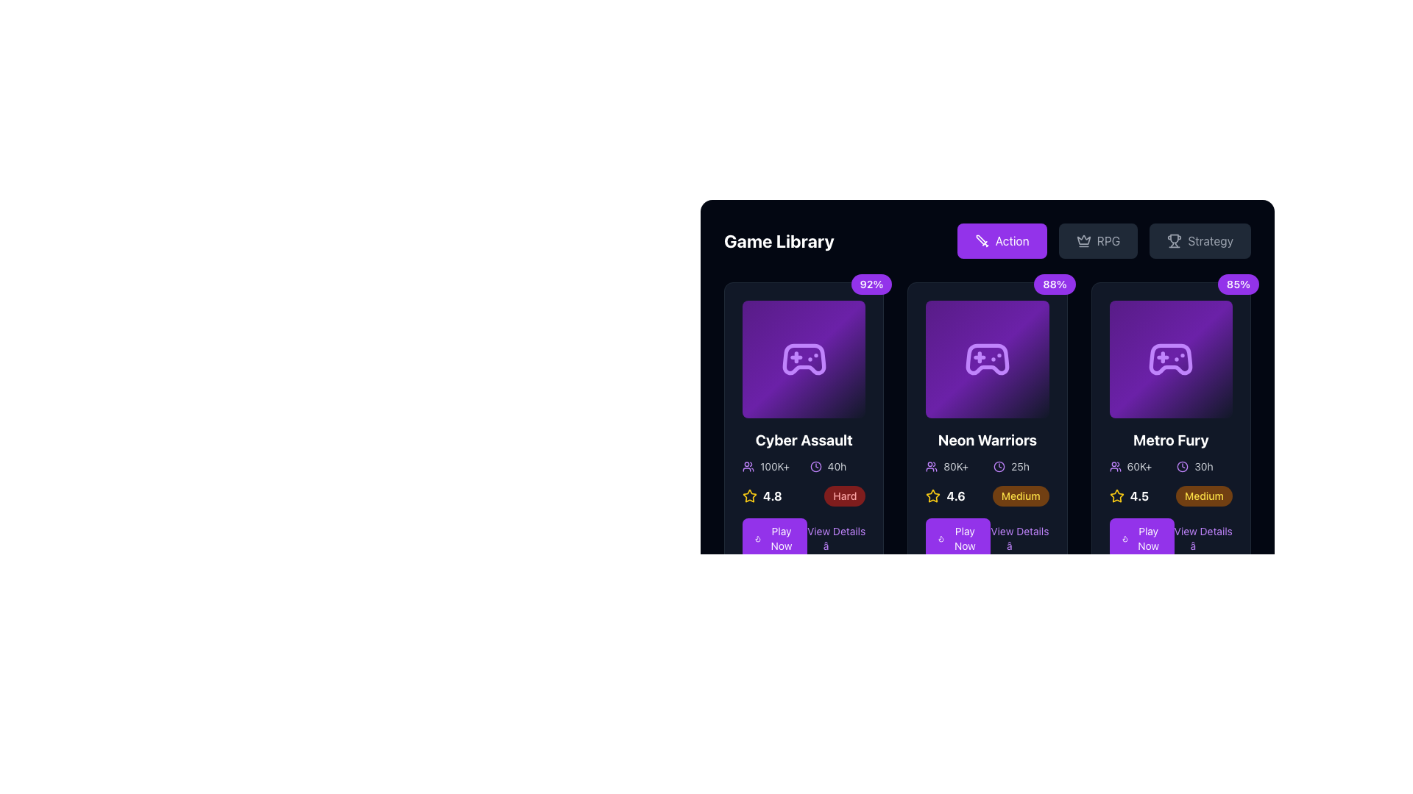 This screenshot has height=794, width=1413. I want to click on the game controller icon, which features a cross button on the left and three dots on the right, located, so click(803, 360).